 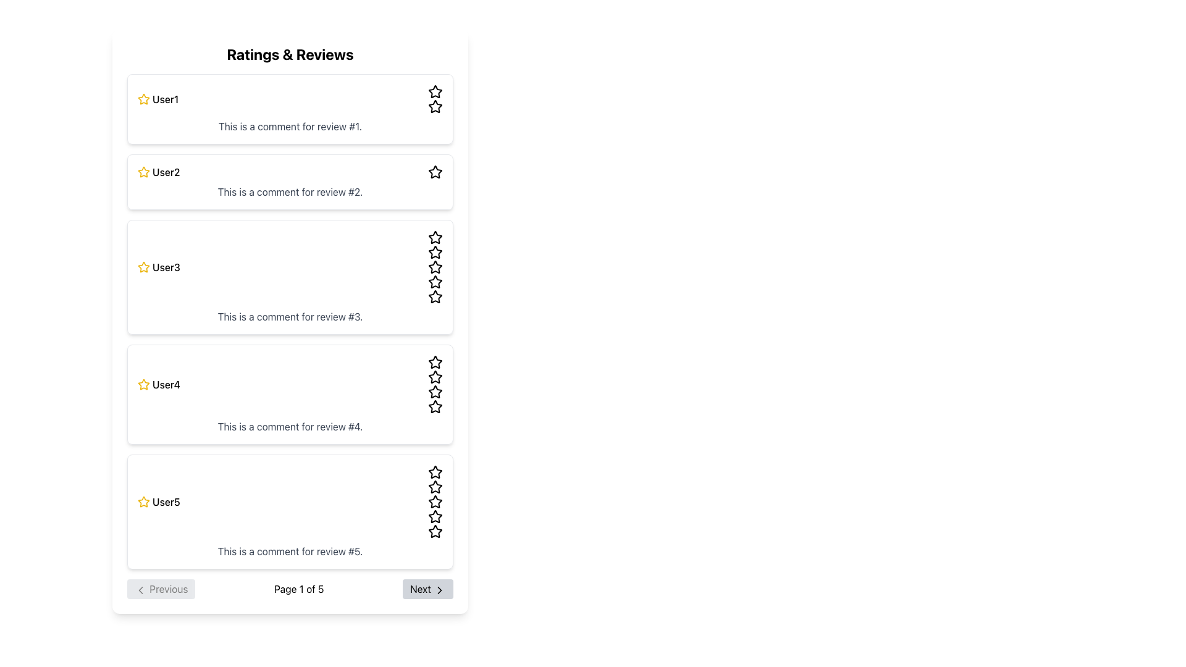 What do you see at coordinates (435, 91) in the screenshot?
I see `the first star rating symbol adjacent to the 'User1' label in the top entry of the 'Ratings & Reviews' list` at bounding box center [435, 91].